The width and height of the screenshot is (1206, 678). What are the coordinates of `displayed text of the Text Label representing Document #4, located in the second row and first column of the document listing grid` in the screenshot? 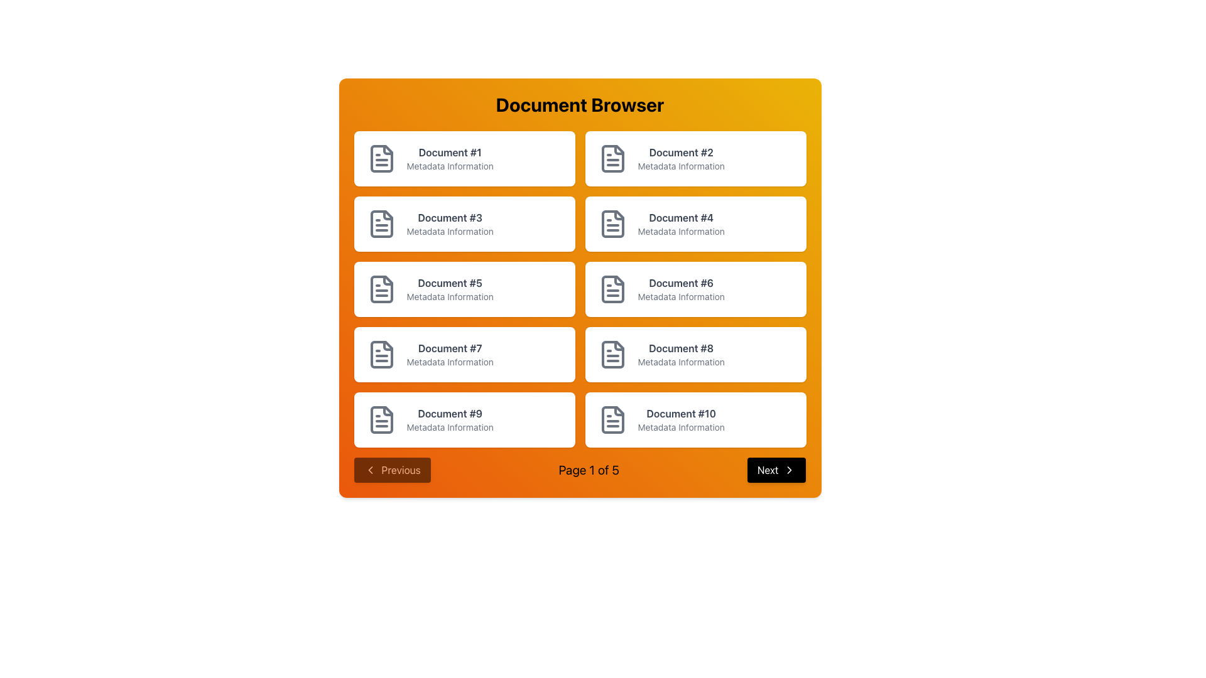 It's located at (680, 223).